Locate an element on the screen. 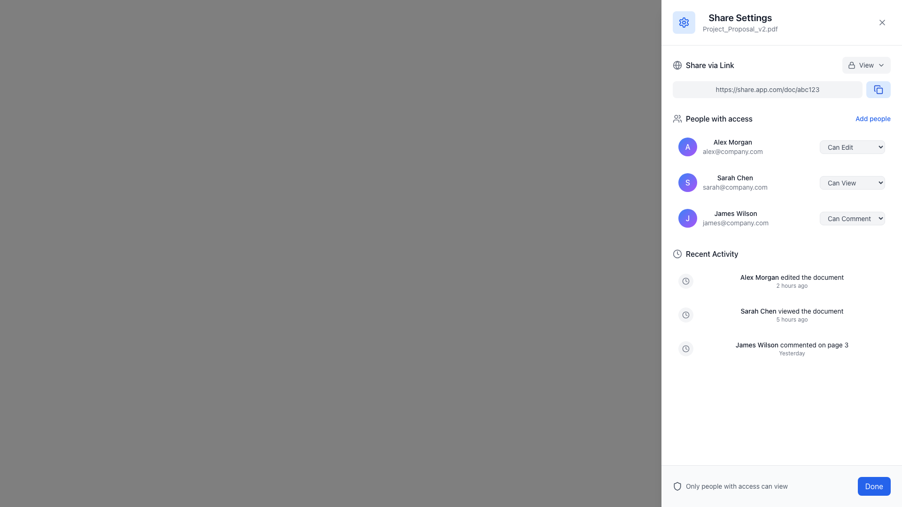 The height and width of the screenshot is (507, 902). the SVG circle element that serves as the outer frame of the clock icon in the 'Recent Activity' section of the right sidebar is located at coordinates (685, 280).